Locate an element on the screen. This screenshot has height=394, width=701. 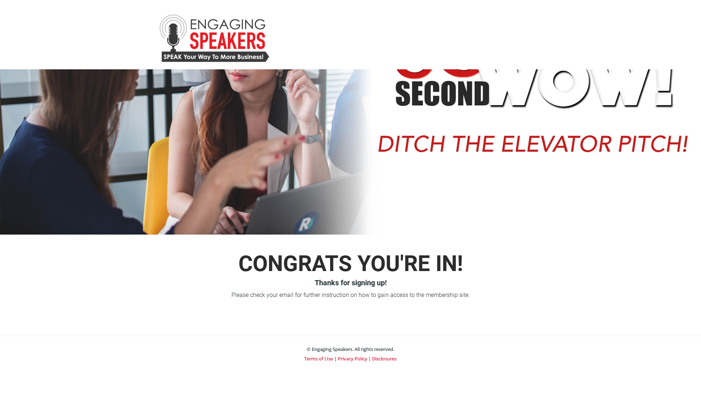
'Terms of Use' is located at coordinates (318, 358).